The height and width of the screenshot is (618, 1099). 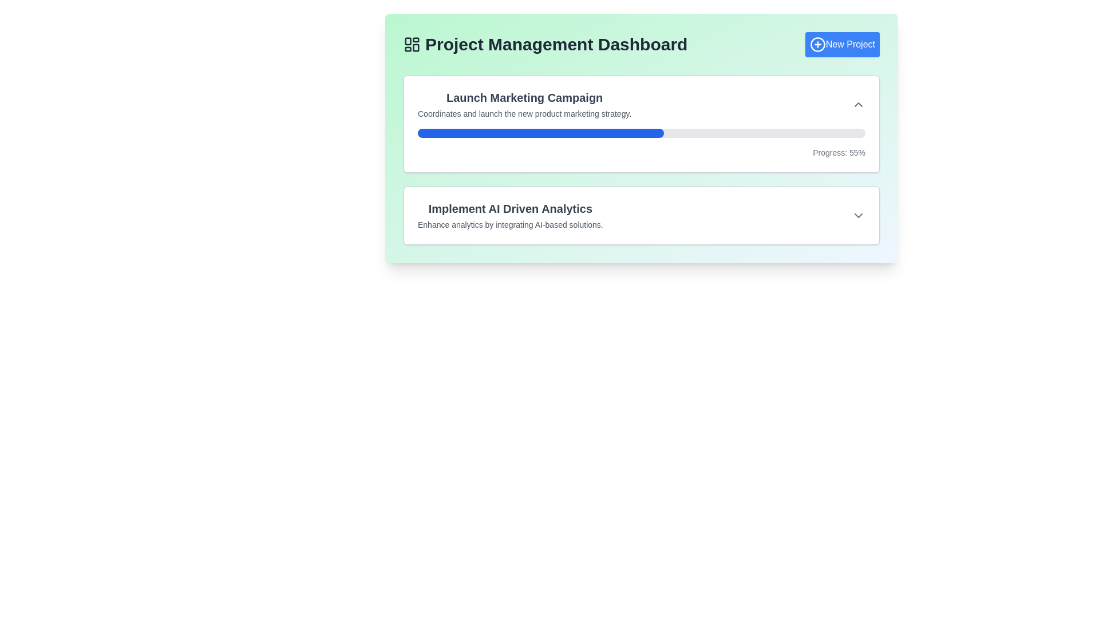 I want to click on the top-left rectangle of the grid-like icon near the text 'Project Management Dashboard', so click(x=408, y=41).